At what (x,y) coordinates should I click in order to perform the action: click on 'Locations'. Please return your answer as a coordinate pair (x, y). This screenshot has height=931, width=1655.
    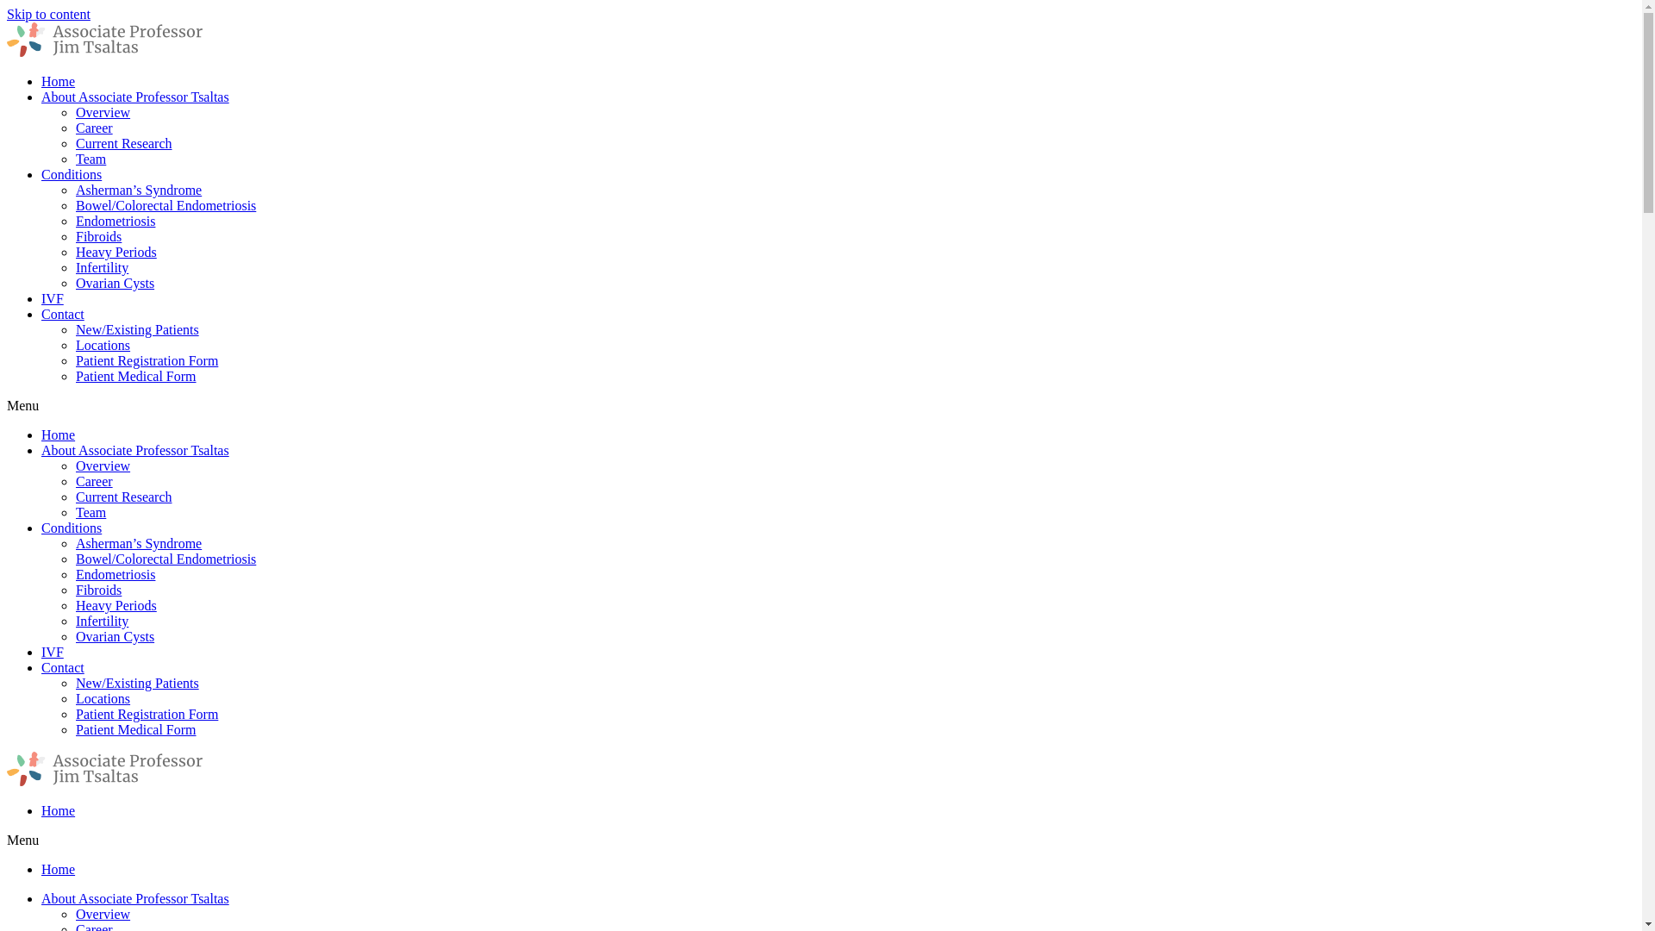
    Looking at the image, I should click on (102, 698).